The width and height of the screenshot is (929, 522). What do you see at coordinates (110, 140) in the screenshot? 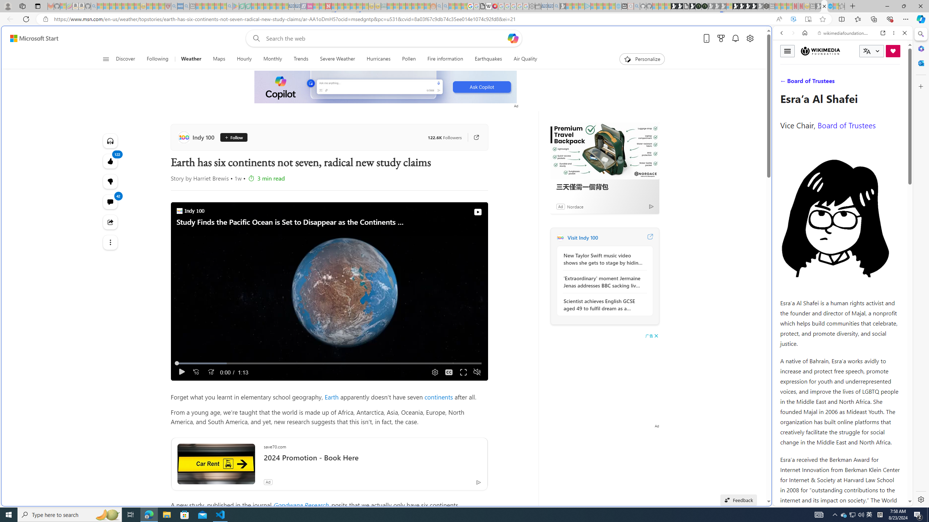
I see `'Listen to this article'` at bounding box center [110, 140].